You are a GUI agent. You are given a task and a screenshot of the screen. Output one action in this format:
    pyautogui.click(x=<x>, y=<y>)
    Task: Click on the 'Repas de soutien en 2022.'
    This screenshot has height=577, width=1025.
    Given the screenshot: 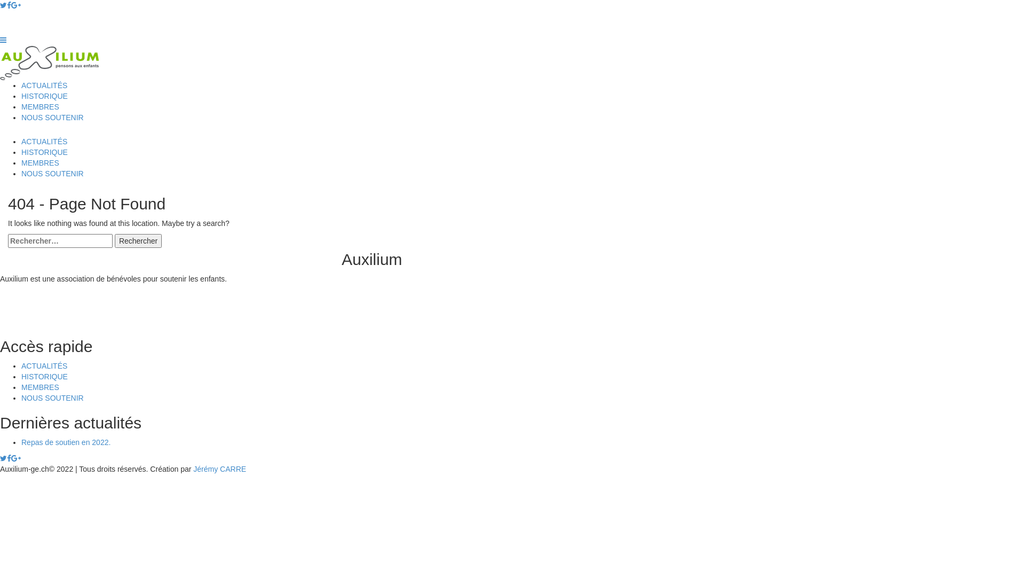 What is the action you would take?
    pyautogui.click(x=65, y=442)
    